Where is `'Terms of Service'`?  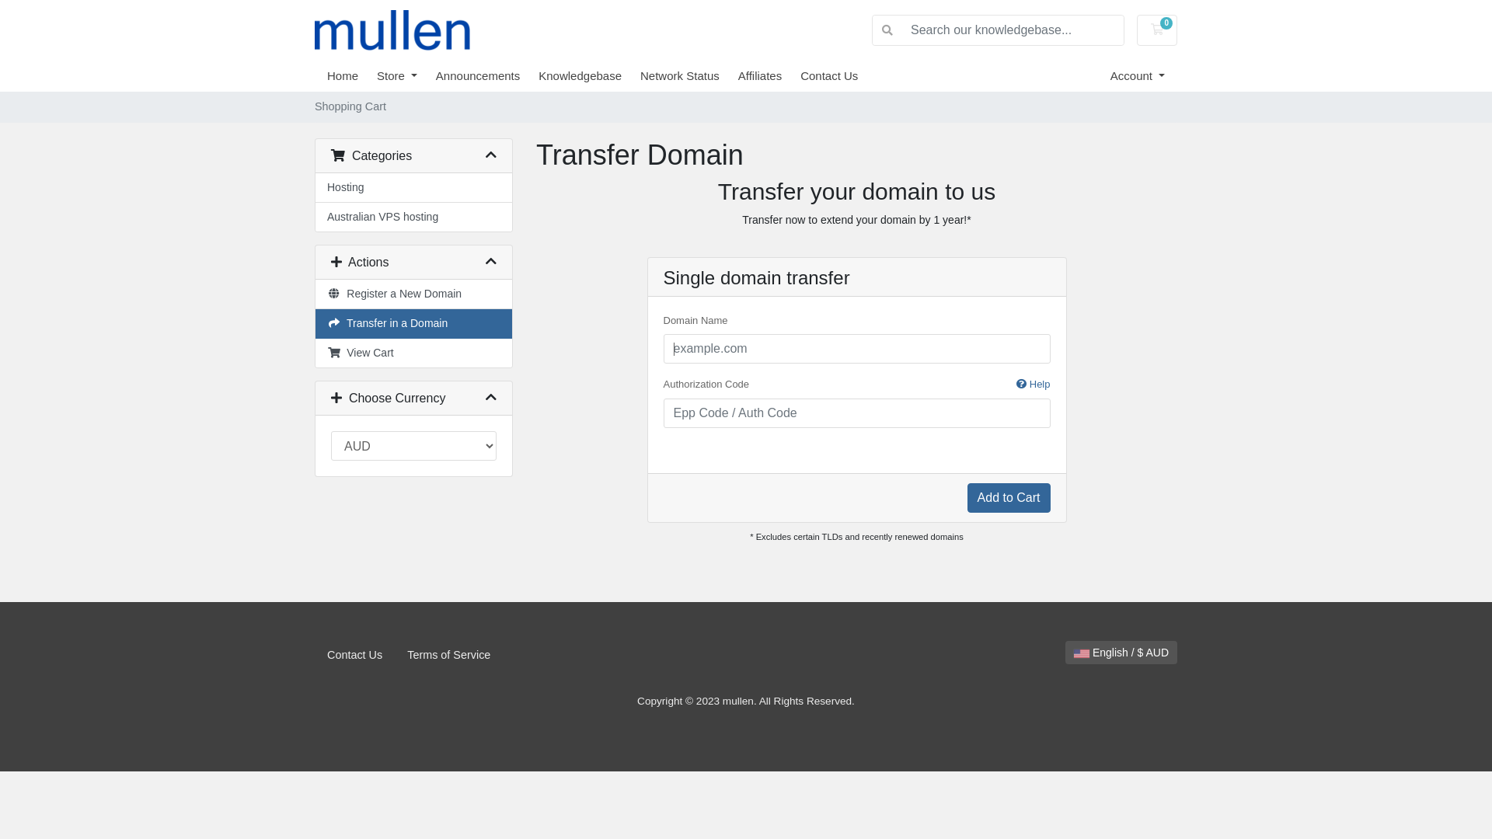
'Terms of Service' is located at coordinates (448, 656).